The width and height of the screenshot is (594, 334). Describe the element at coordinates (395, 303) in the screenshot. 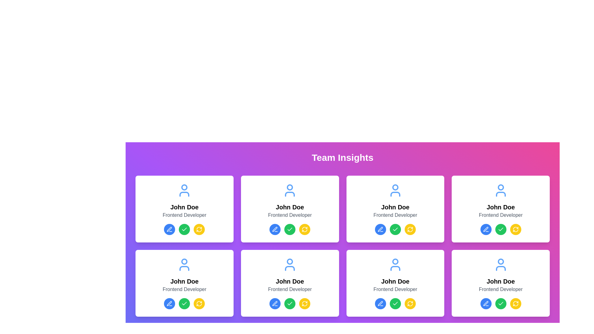

I see `the confirmation button with the checkmark icon located in the bottom-right card below 'John Doe' and 'Frontend Developer' to trigger a tooltip or effect` at that location.